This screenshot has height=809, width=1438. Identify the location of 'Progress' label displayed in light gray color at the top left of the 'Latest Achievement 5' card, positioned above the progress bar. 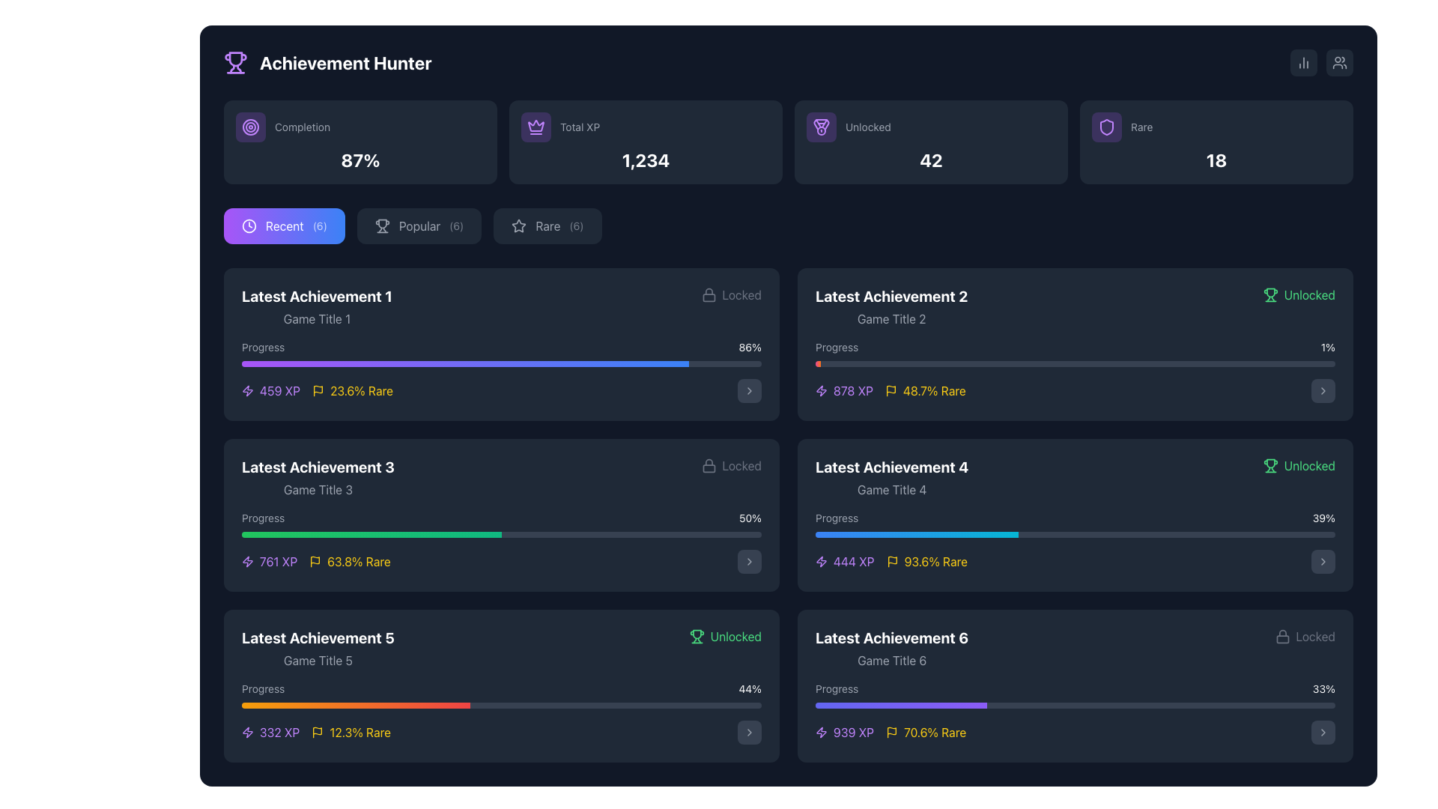
(263, 689).